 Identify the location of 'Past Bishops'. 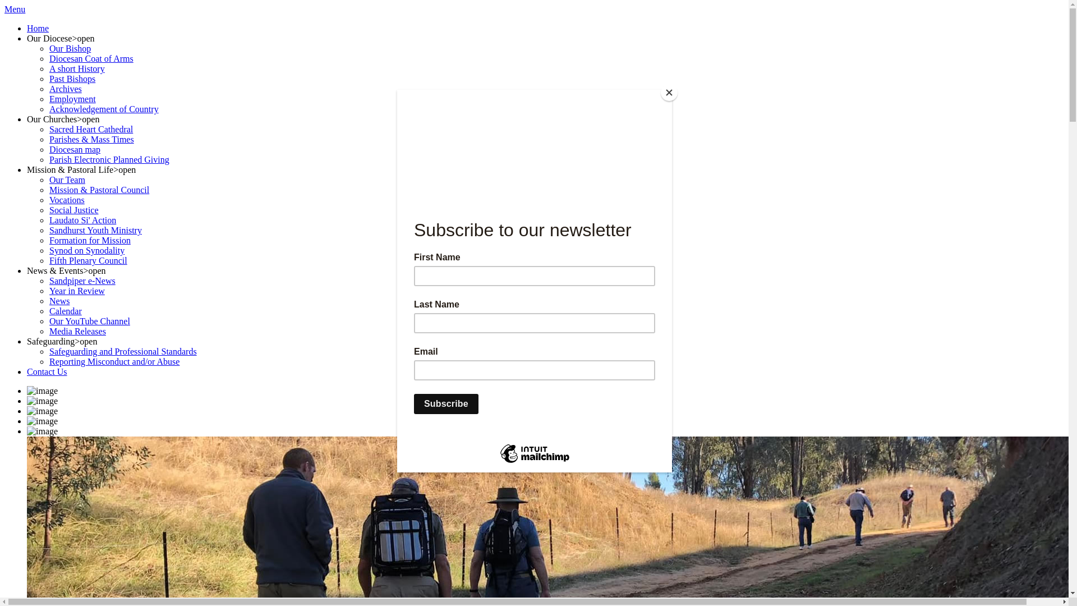
(72, 78).